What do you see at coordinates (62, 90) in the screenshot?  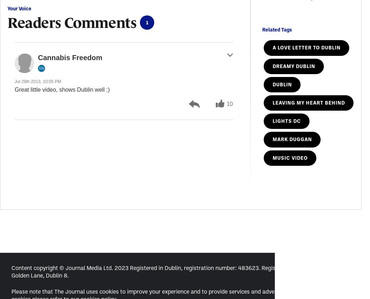 I see `'Great little video, shows Dublin well :)'` at bounding box center [62, 90].